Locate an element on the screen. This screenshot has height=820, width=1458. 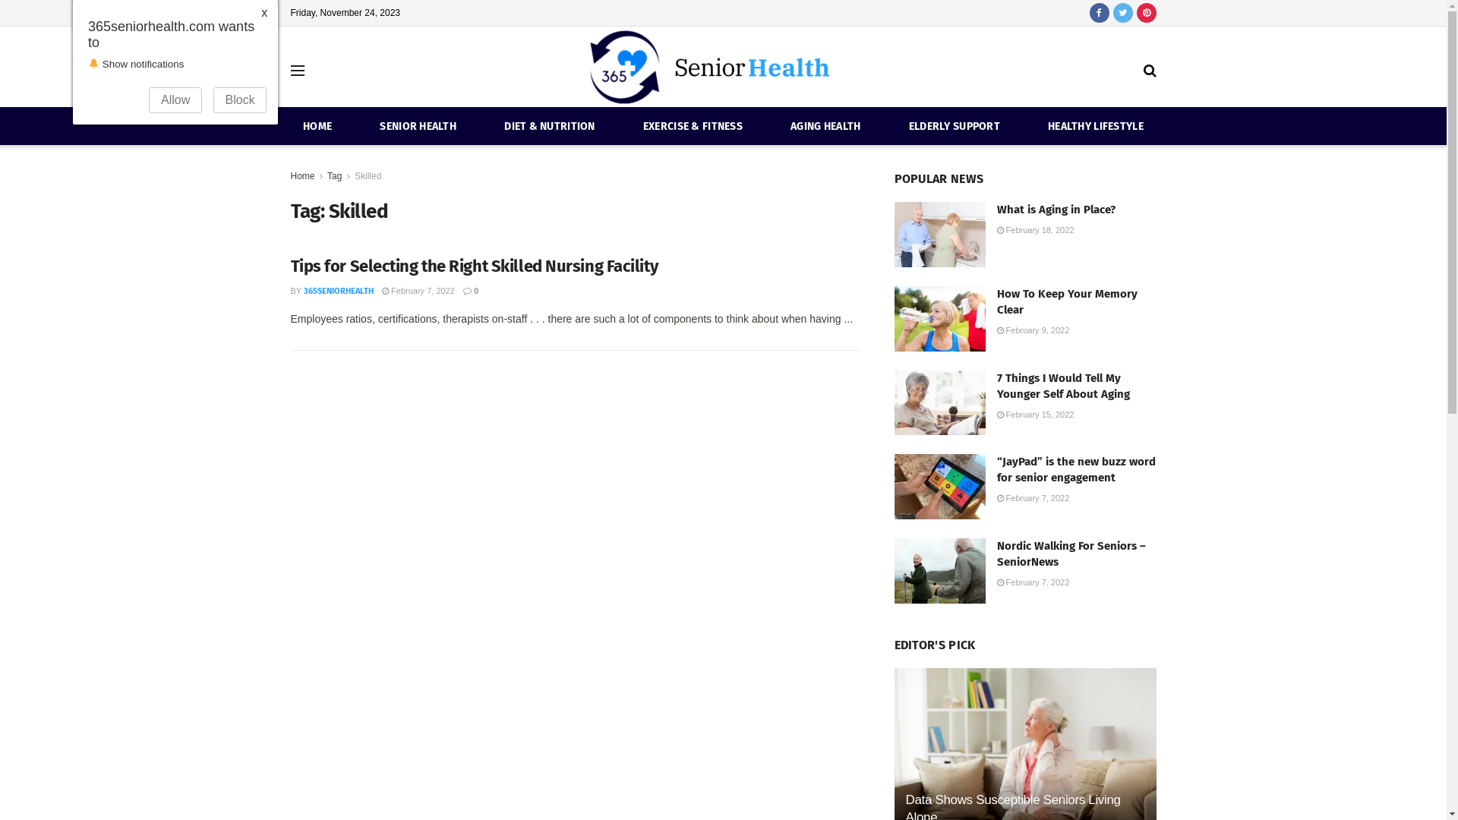
'Tag' is located at coordinates (333, 175).